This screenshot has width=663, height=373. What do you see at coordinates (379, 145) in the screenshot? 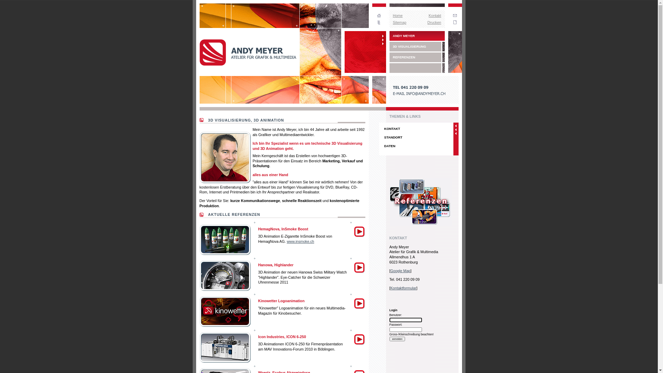
I see `'DATEN'` at bounding box center [379, 145].